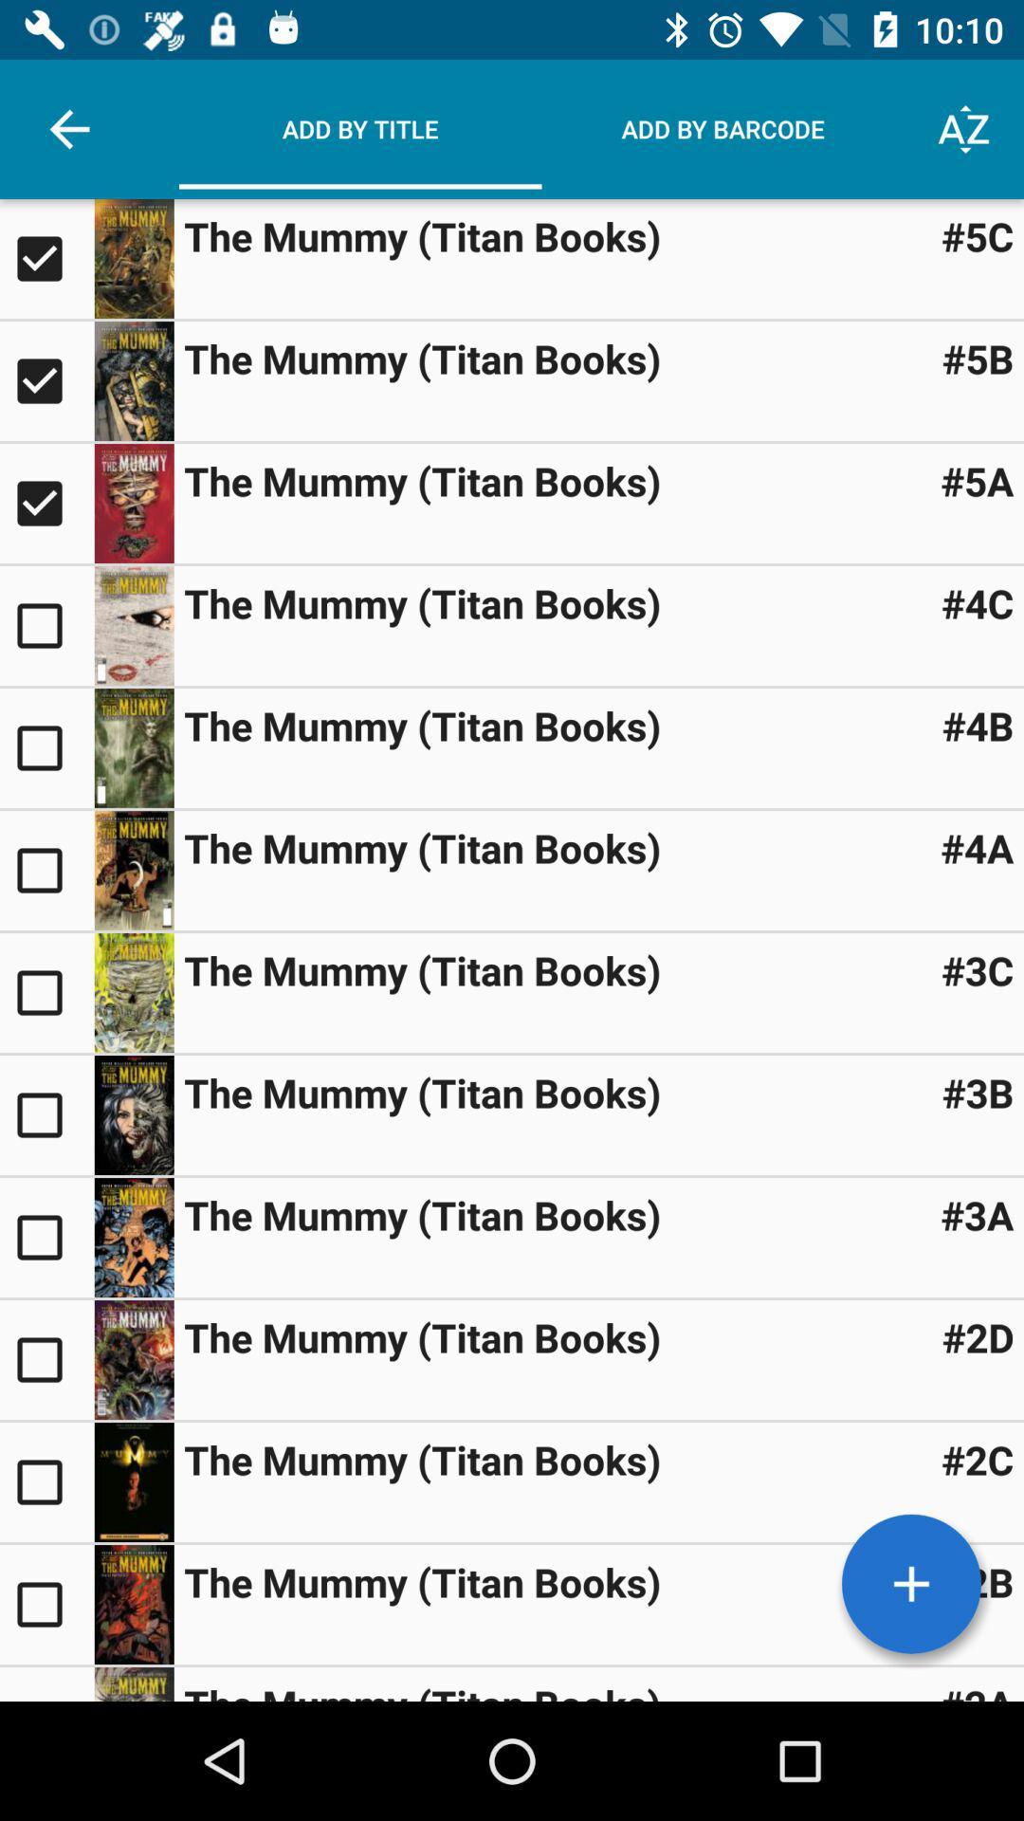 The image size is (1024, 1821). I want to click on the book to the list of selected books, so click(46, 1115).